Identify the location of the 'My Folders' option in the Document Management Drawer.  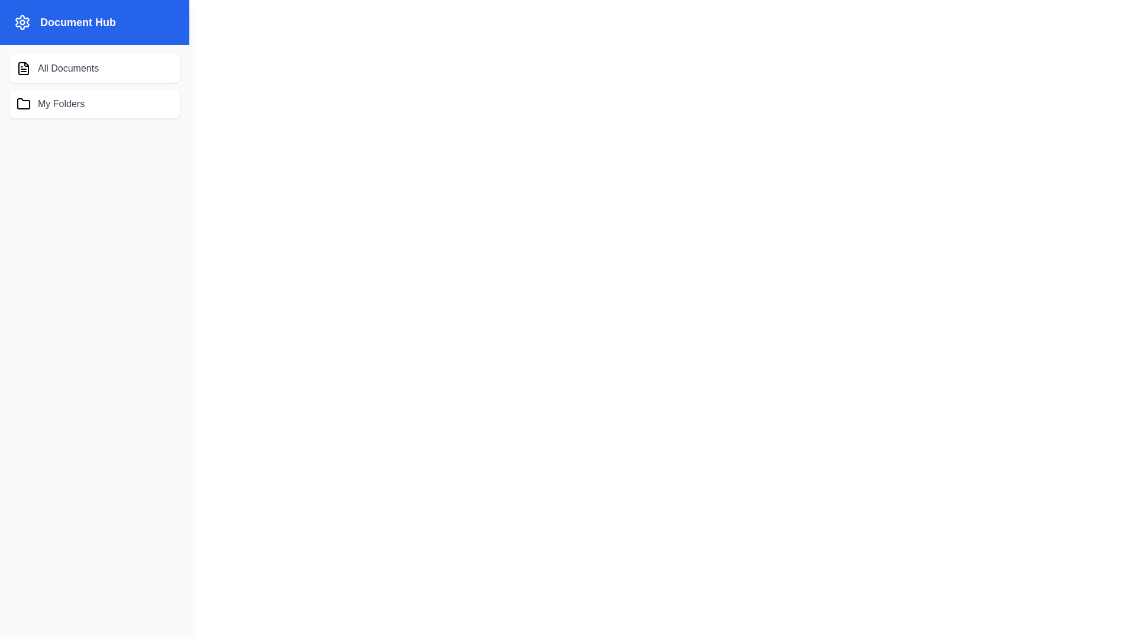
(93, 104).